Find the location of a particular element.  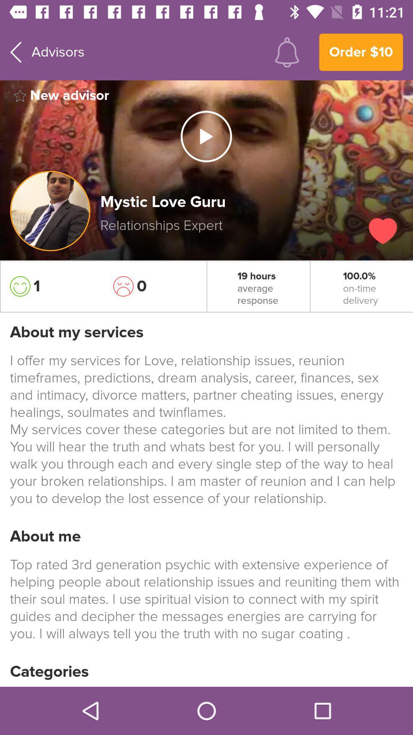

item to the right of advisors item is located at coordinates (287, 52).